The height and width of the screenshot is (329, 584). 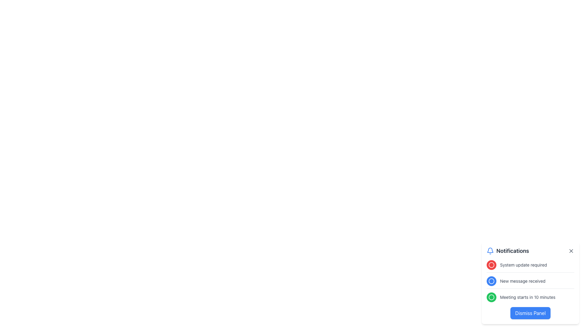 What do you see at coordinates (492, 297) in the screenshot?
I see `the circular icon component in the notification list that indicates 'Meeting starts in 10 minutes'` at bounding box center [492, 297].